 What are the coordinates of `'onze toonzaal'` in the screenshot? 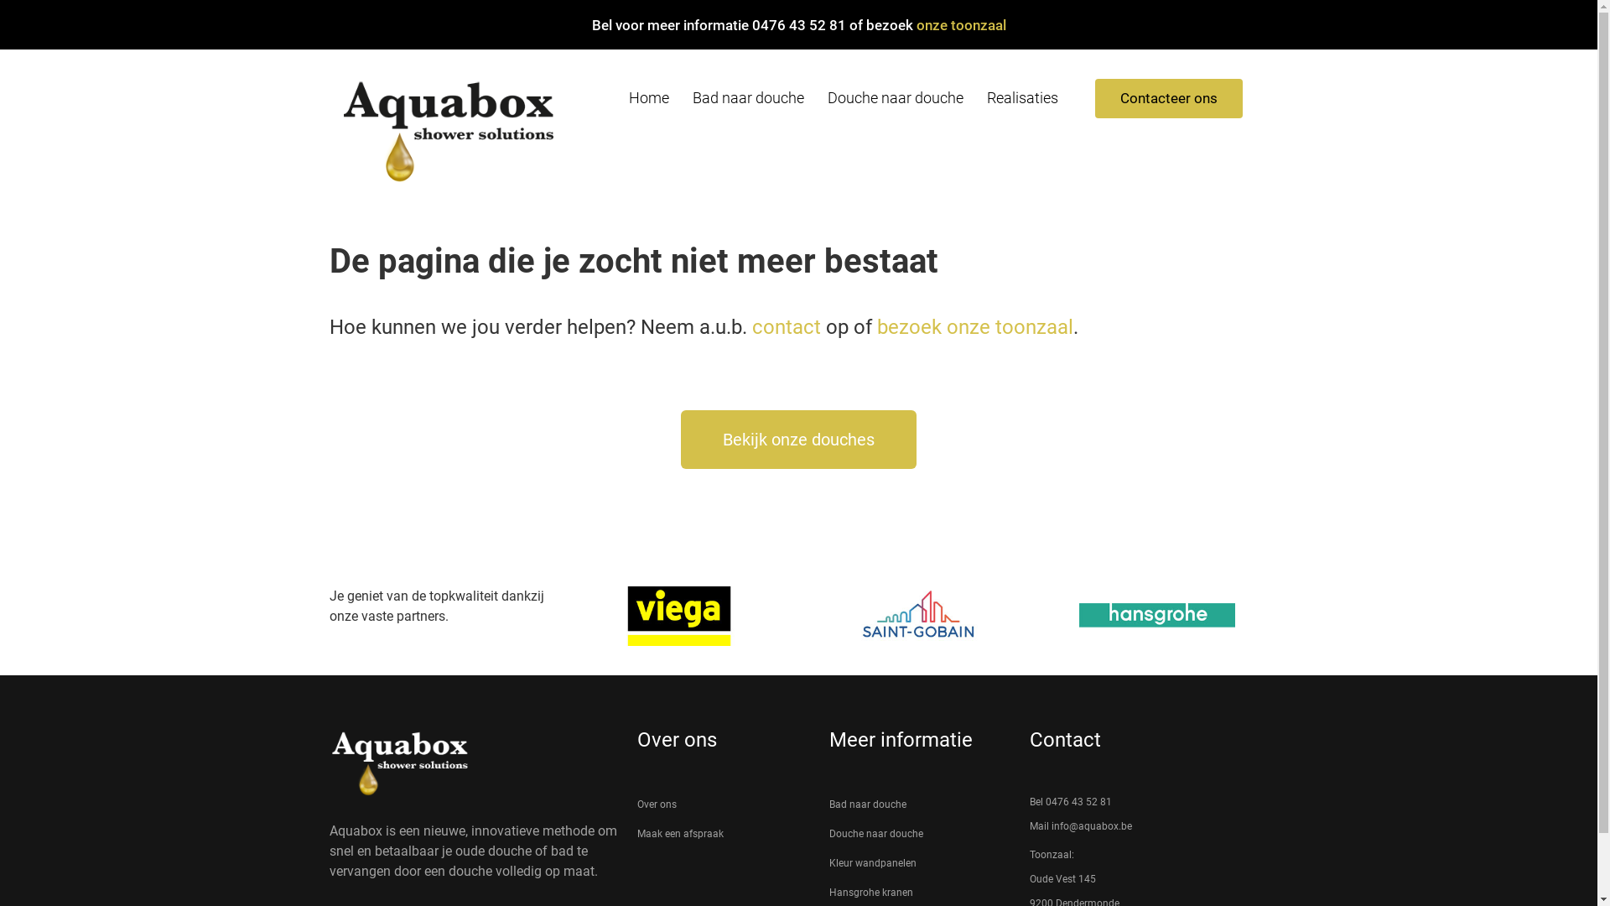 It's located at (914, 25).